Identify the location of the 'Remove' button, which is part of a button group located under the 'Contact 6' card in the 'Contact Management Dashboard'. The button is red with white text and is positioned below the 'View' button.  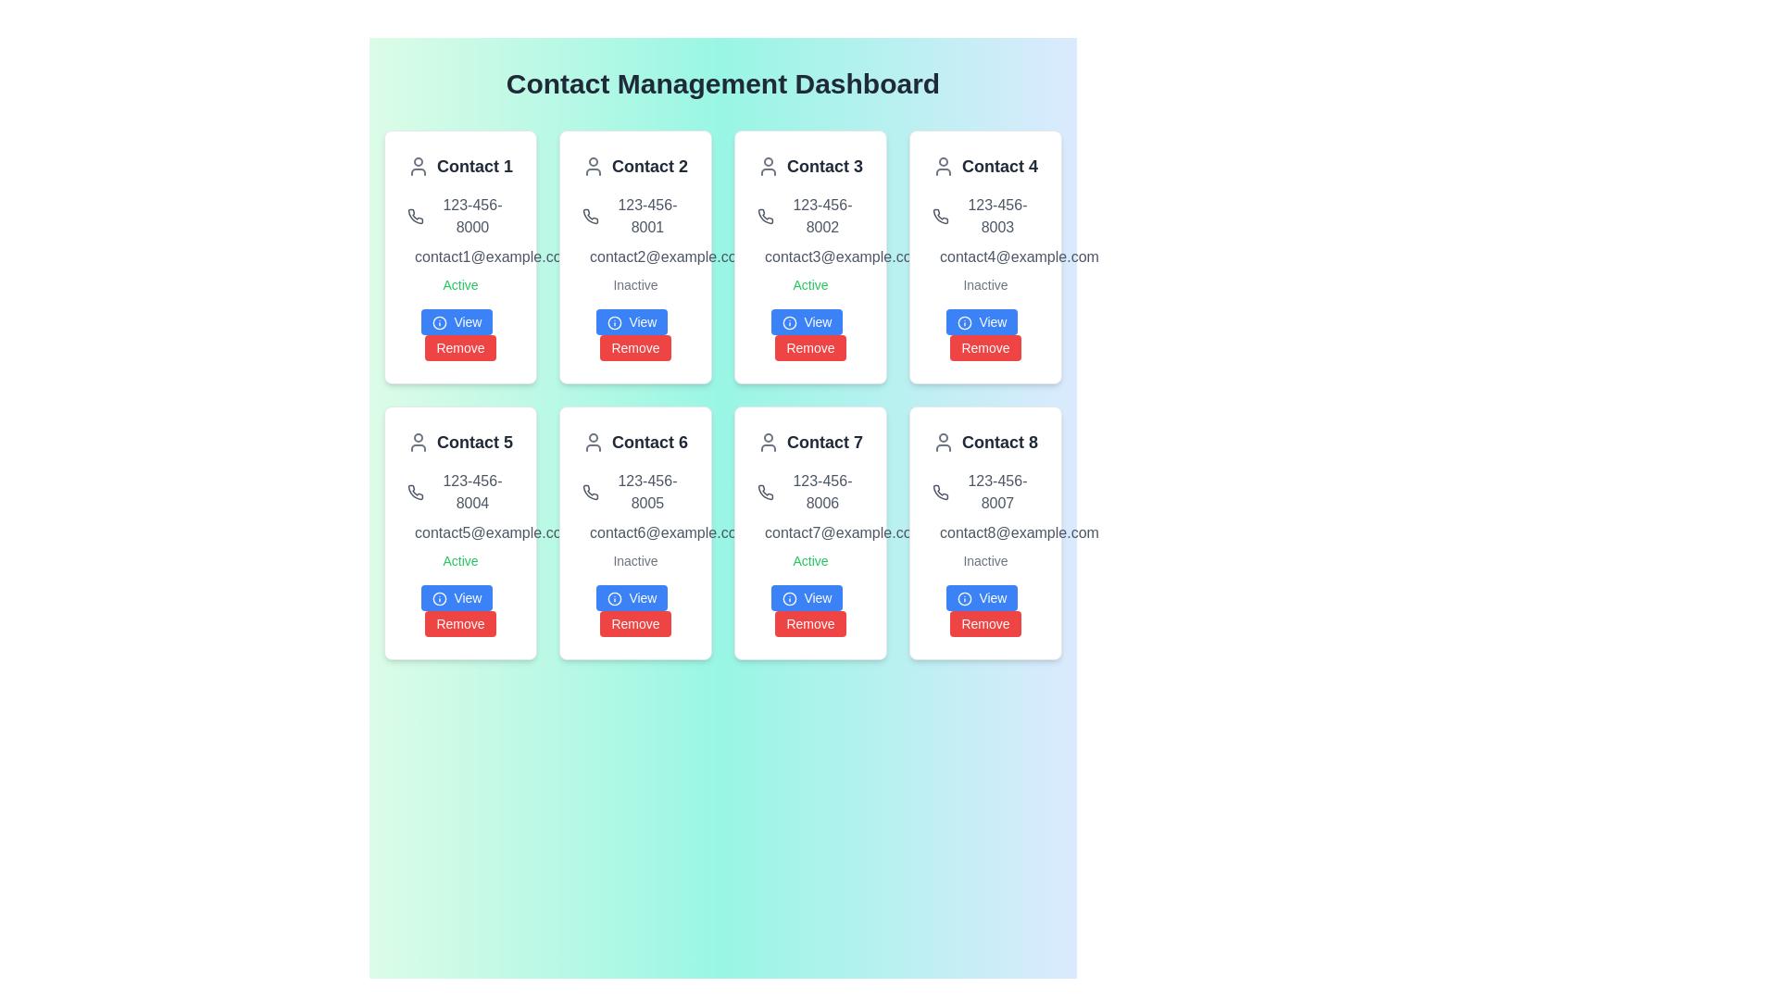
(635, 610).